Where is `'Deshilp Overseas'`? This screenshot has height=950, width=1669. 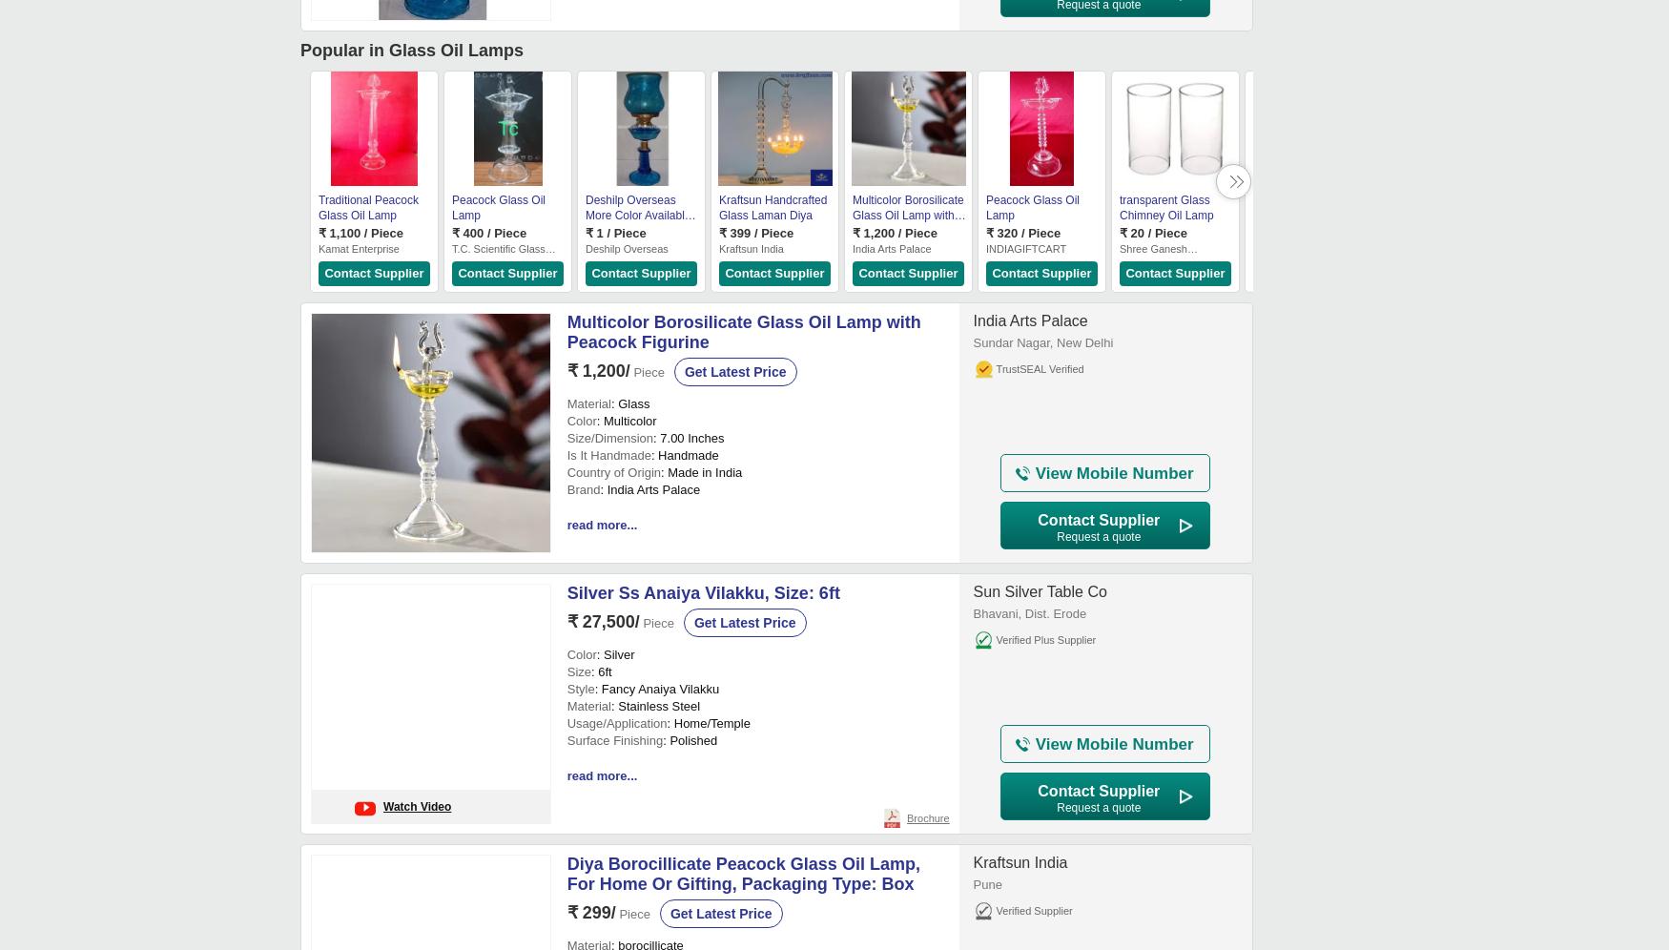 'Deshilp Overseas' is located at coordinates (586, 248).